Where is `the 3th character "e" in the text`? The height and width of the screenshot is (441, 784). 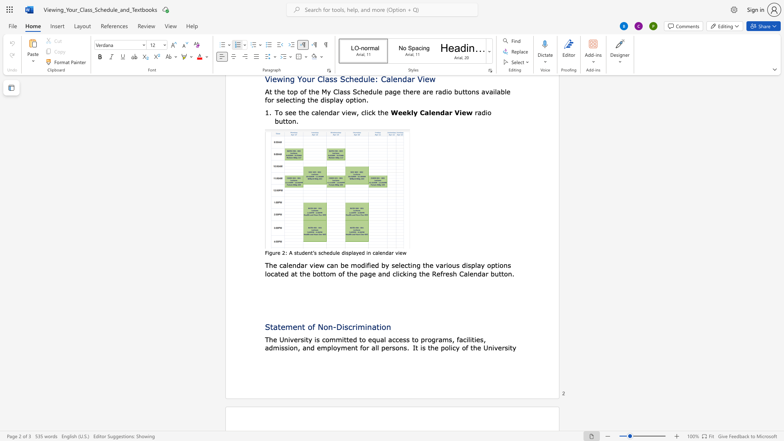
the 3th character "e" in the text is located at coordinates (328, 252).